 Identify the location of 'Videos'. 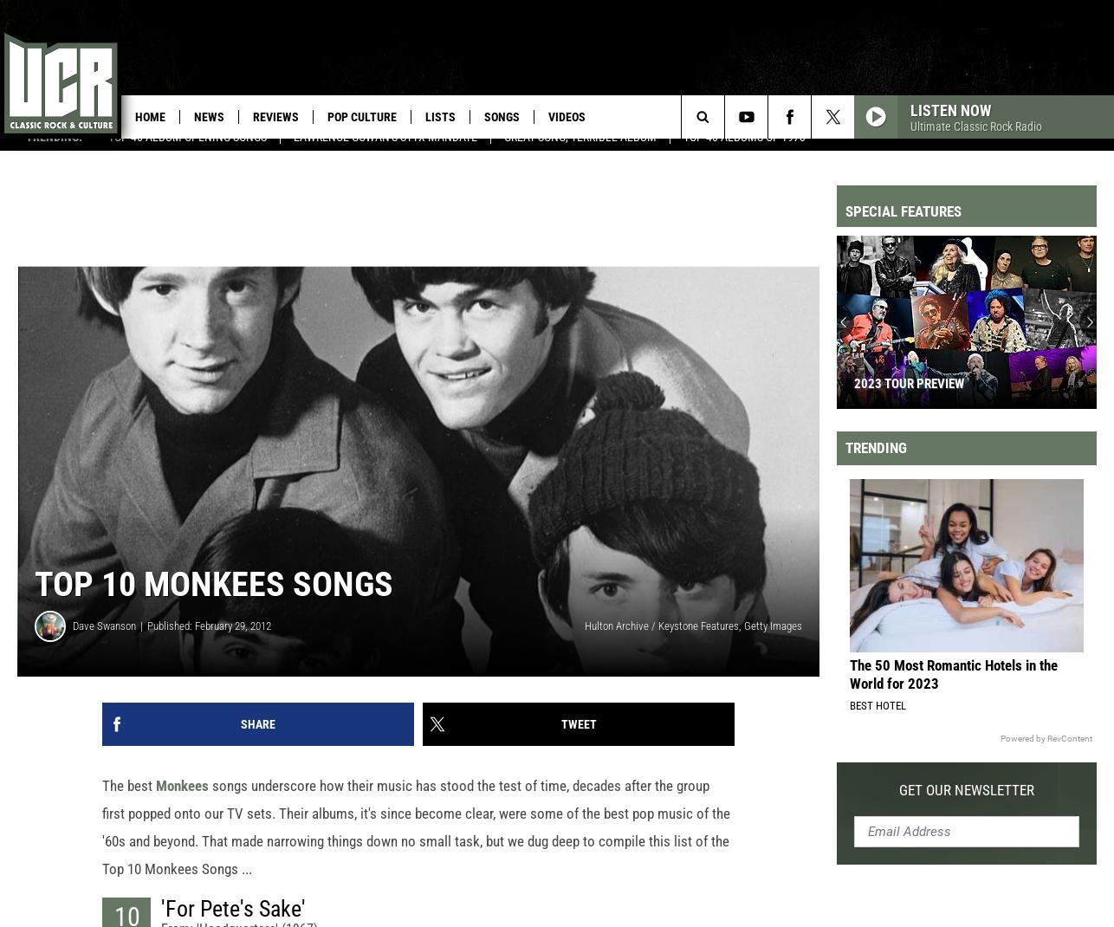
(567, 117).